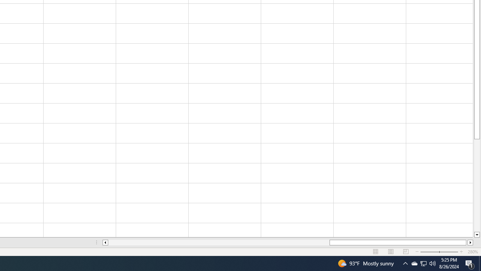 Image resolution: width=481 pixels, height=271 pixels. I want to click on 'Zoom In', so click(461, 252).